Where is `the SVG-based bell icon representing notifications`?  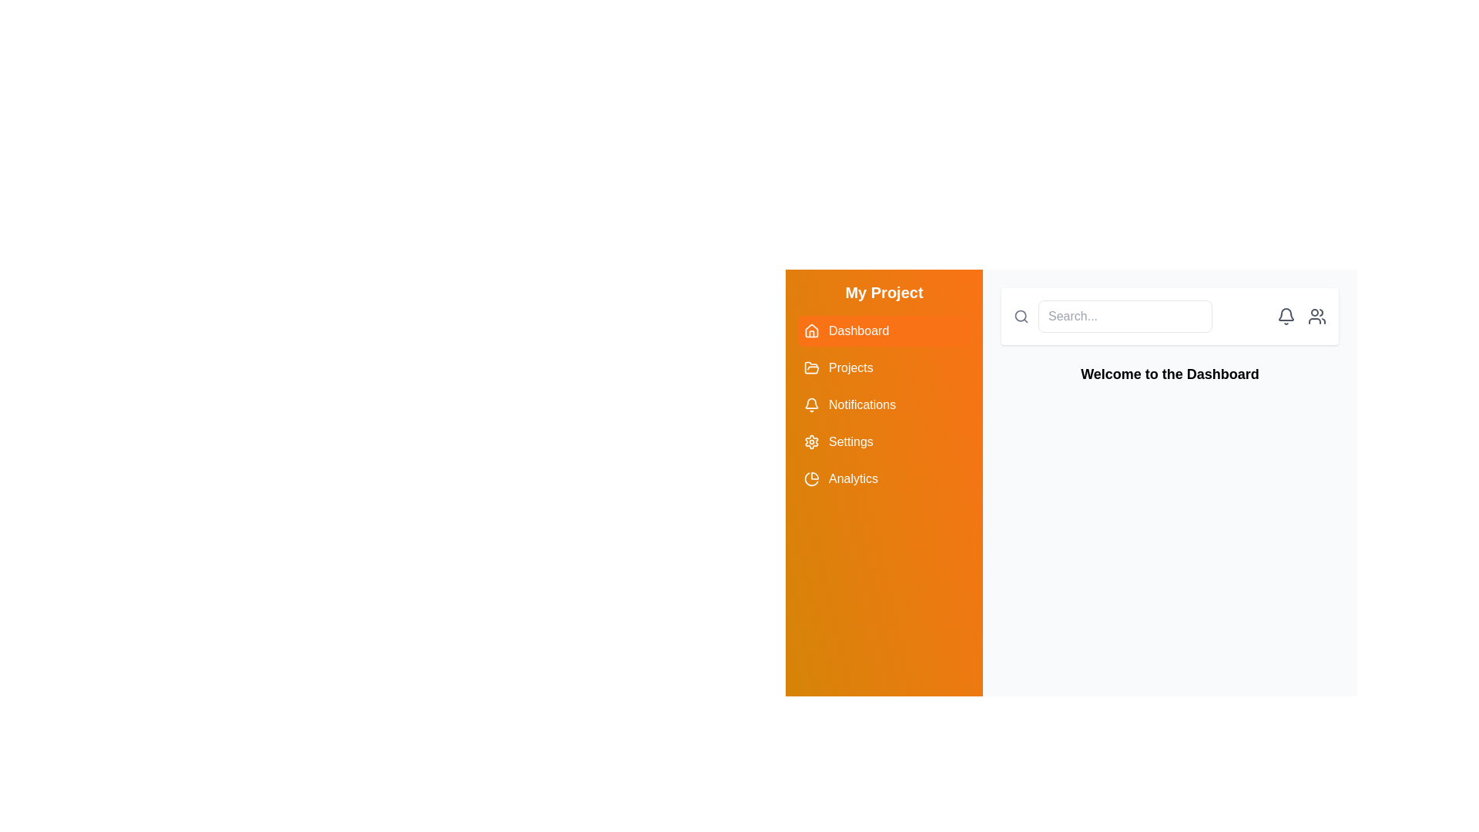
the SVG-based bell icon representing notifications is located at coordinates (811, 402).